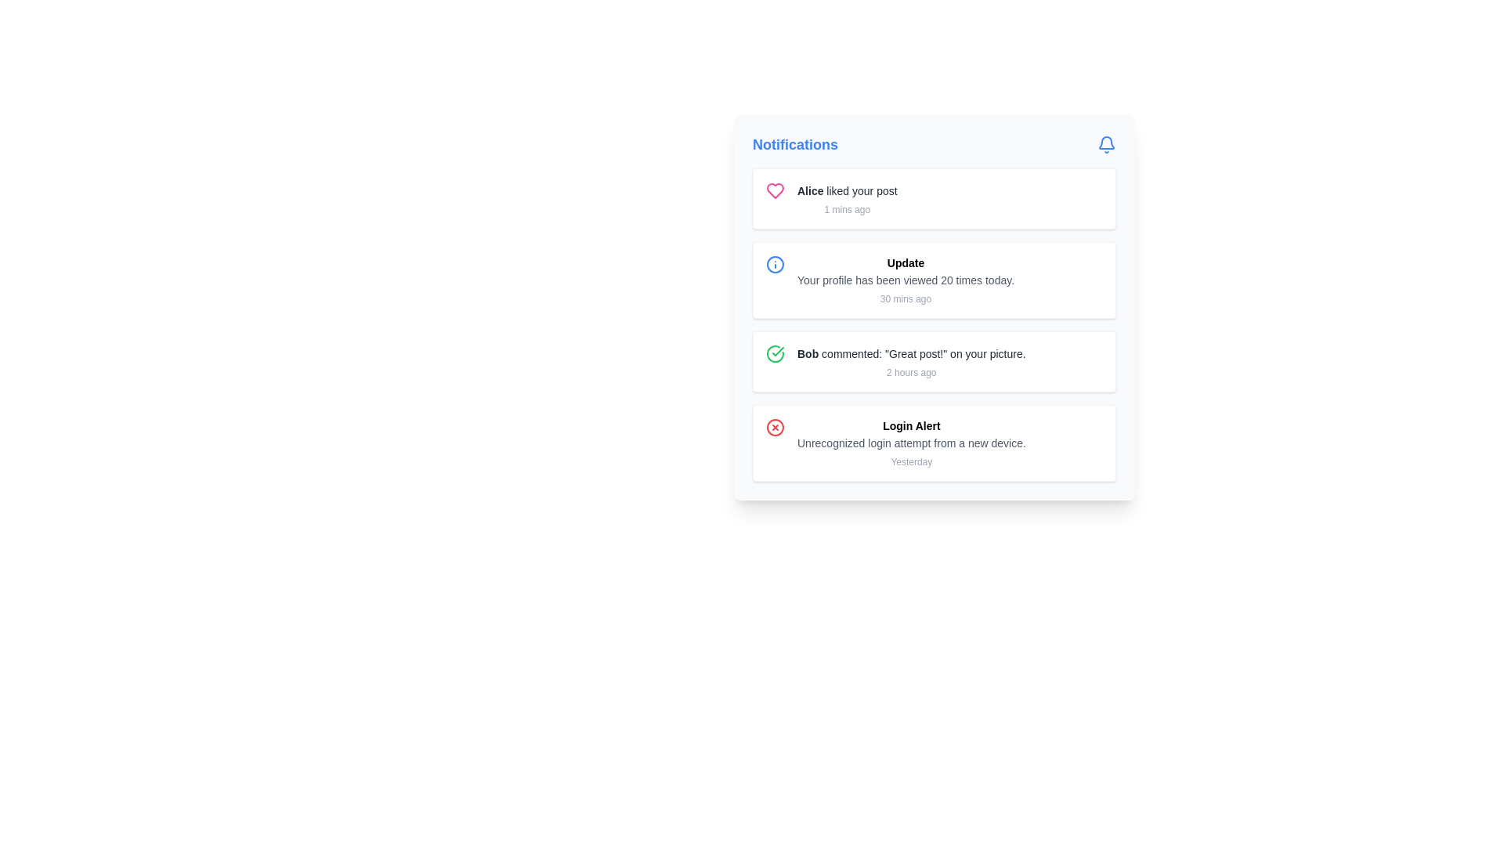 This screenshot has width=1504, height=846. Describe the element at coordinates (935, 443) in the screenshot. I see `the fourth notification card in the notification area that informs about an unrecognized login attempt from a new device` at that location.